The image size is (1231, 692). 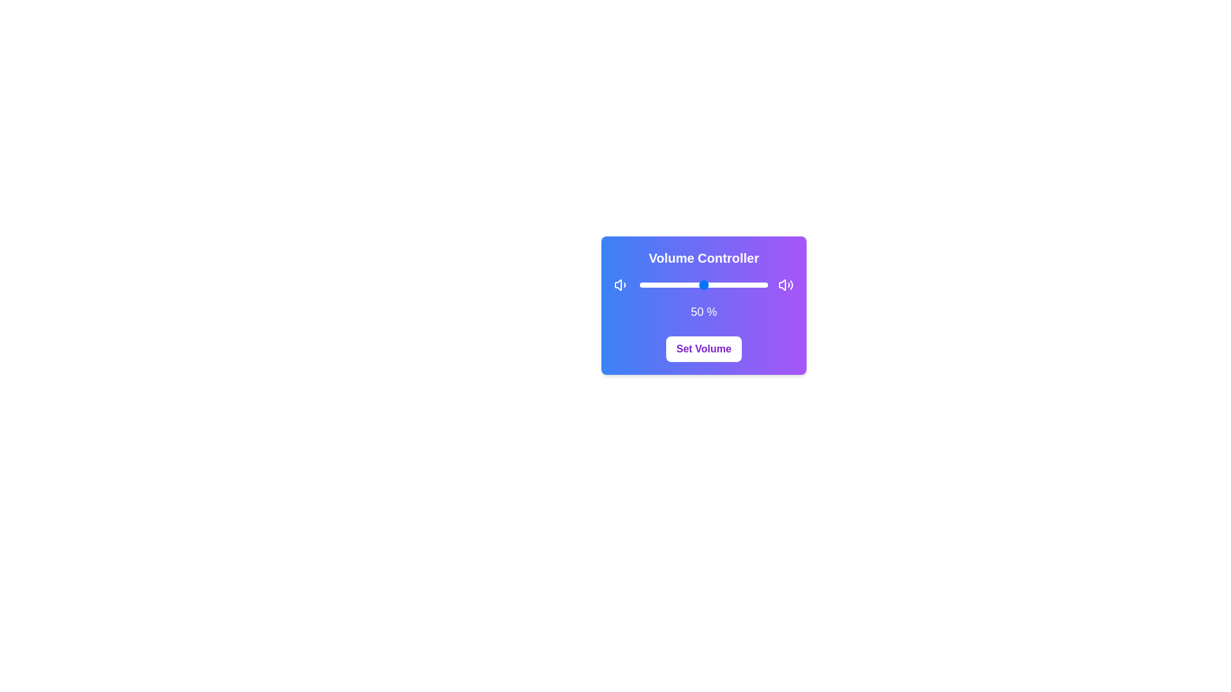 I want to click on the slider to set the volume to 1%, so click(x=641, y=284).